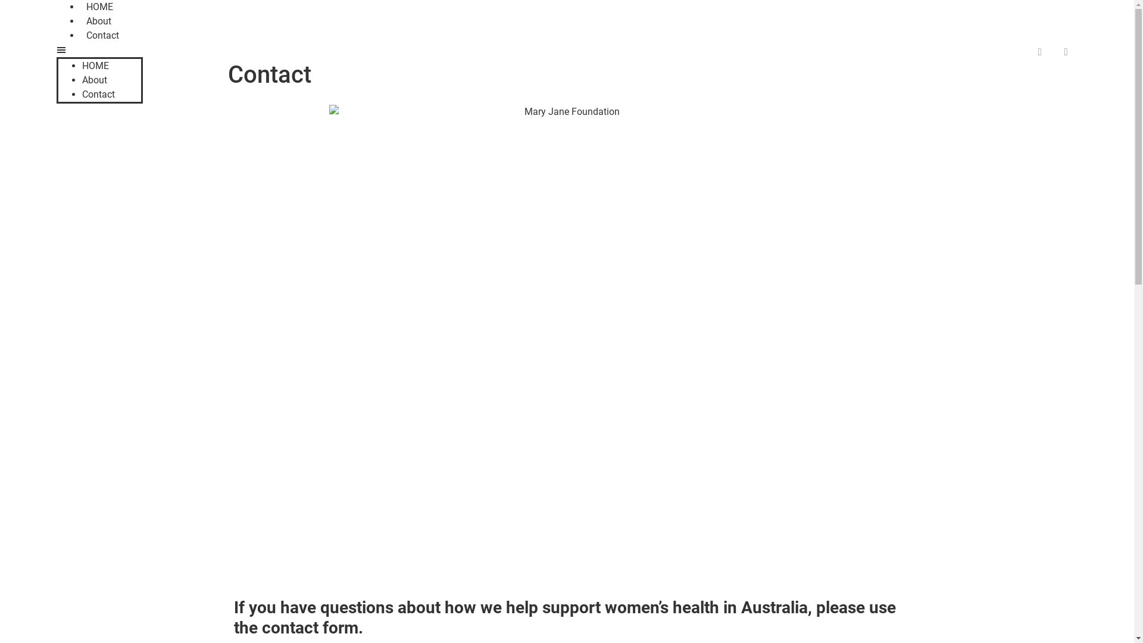 The height and width of the screenshot is (643, 1143). What do you see at coordinates (99, 21) in the screenshot?
I see `'About'` at bounding box center [99, 21].